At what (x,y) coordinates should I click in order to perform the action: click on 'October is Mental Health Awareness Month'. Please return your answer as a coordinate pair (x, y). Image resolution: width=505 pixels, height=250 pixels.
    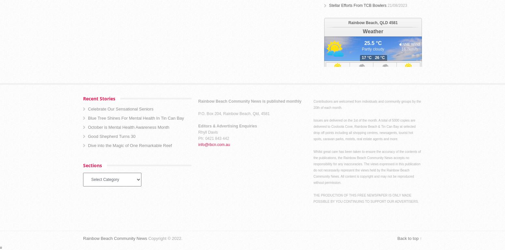
    Looking at the image, I should click on (88, 127).